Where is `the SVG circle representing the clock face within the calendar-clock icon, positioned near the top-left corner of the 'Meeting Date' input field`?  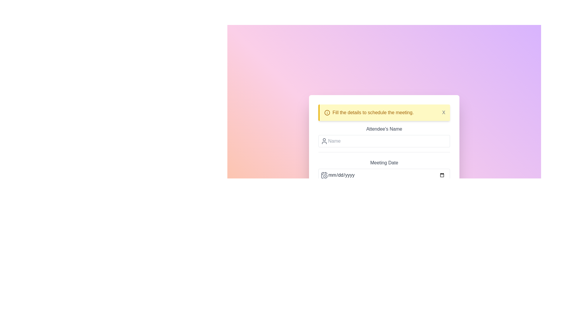
the SVG circle representing the clock face within the calendar-clock icon, positioned near the top-left corner of the 'Meeting Date' input field is located at coordinates (325, 176).